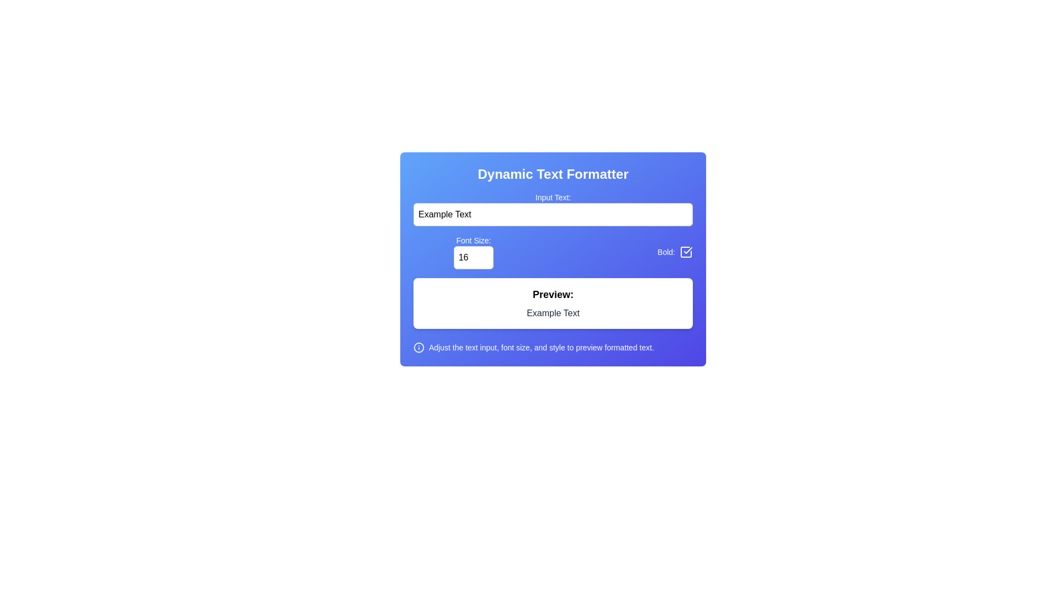 The height and width of the screenshot is (596, 1060). What do you see at coordinates (553, 197) in the screenshot?
I see `text label 'Input Text:' which is styled in bold, white font and positioned at the top-left area of the input field` at bounding box center [553, 197].